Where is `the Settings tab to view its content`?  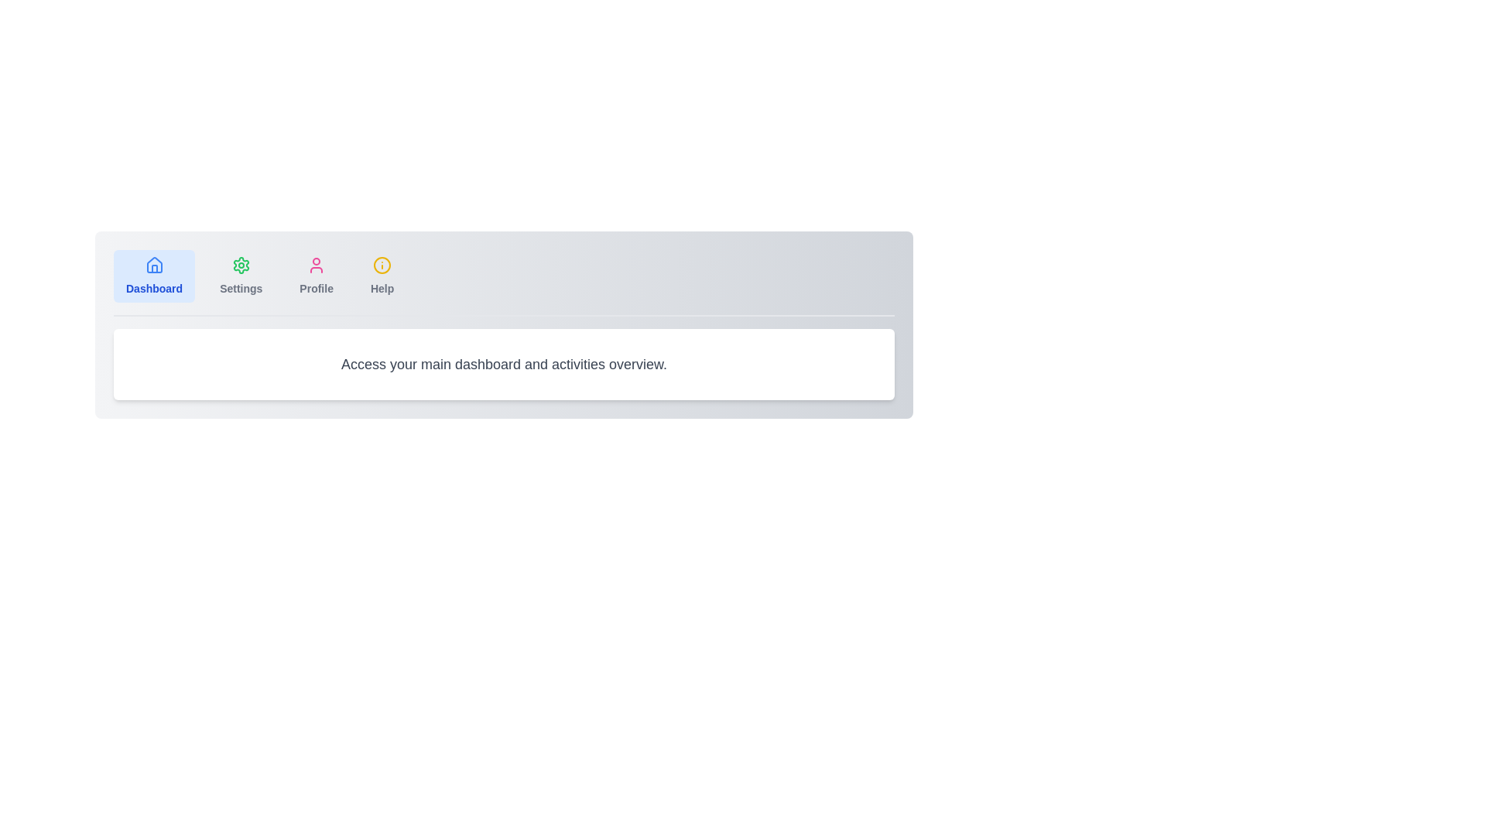
the Settings tab to view its content is located at coordinates (240, 276).